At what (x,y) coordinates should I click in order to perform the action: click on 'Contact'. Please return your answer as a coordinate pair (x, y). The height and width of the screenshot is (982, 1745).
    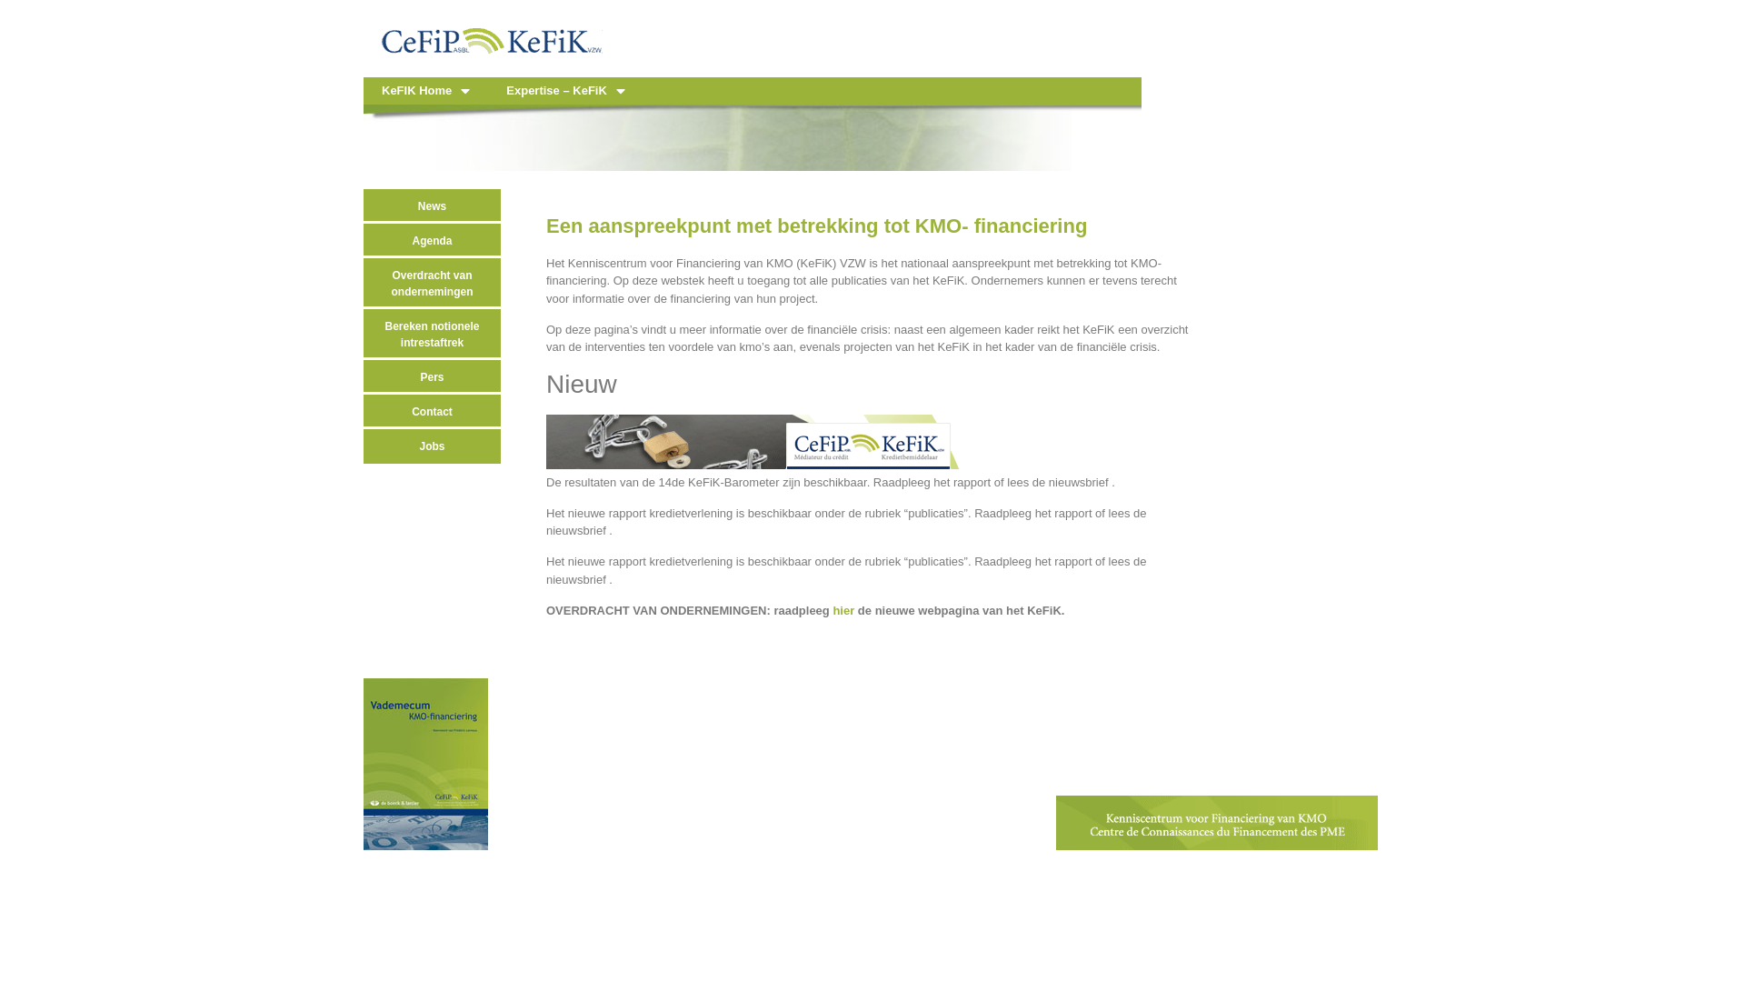
    Looking at the image, I should click on (431, 411).